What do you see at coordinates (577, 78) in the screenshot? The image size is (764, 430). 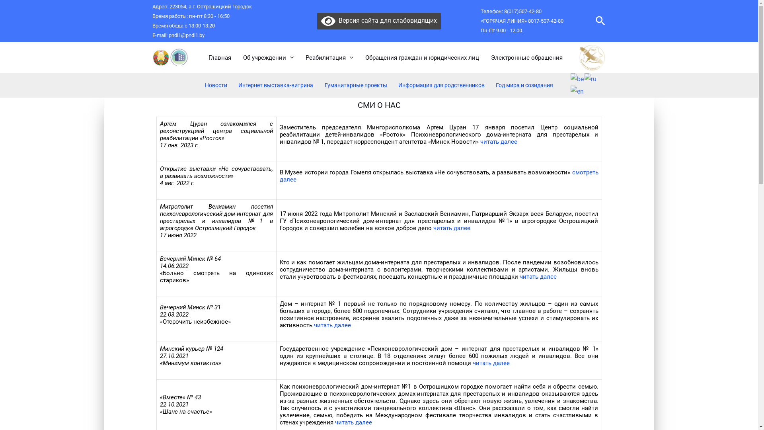 I see `'Belarusian'` at bounding box center [577, 78].